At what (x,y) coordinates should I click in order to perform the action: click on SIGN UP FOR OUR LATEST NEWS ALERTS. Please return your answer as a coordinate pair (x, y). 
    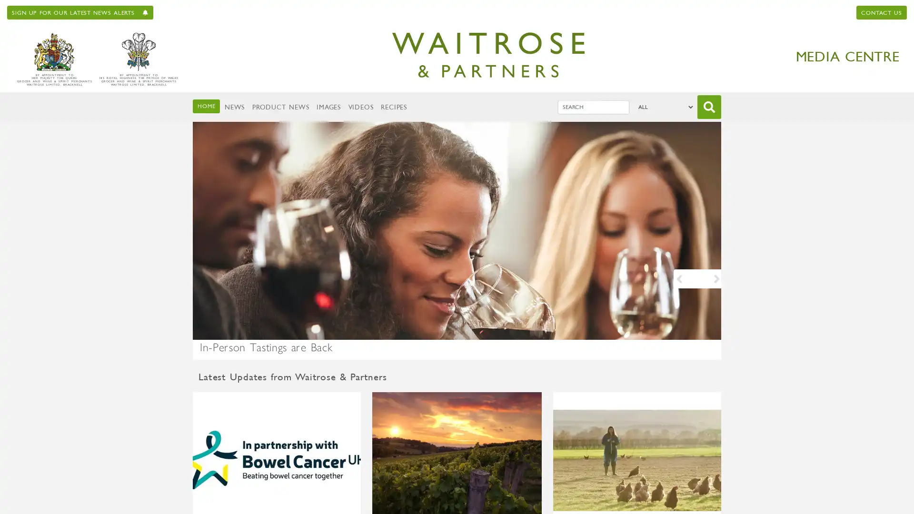
    Looking at the image, I should click on (80, 12).